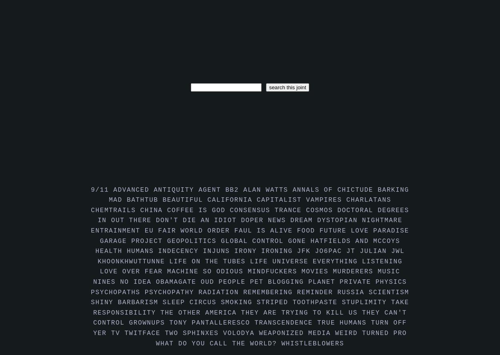 The width and height of the screenshot is (500, 355). I want to click on 'mindfuckers', so click(274, 271).